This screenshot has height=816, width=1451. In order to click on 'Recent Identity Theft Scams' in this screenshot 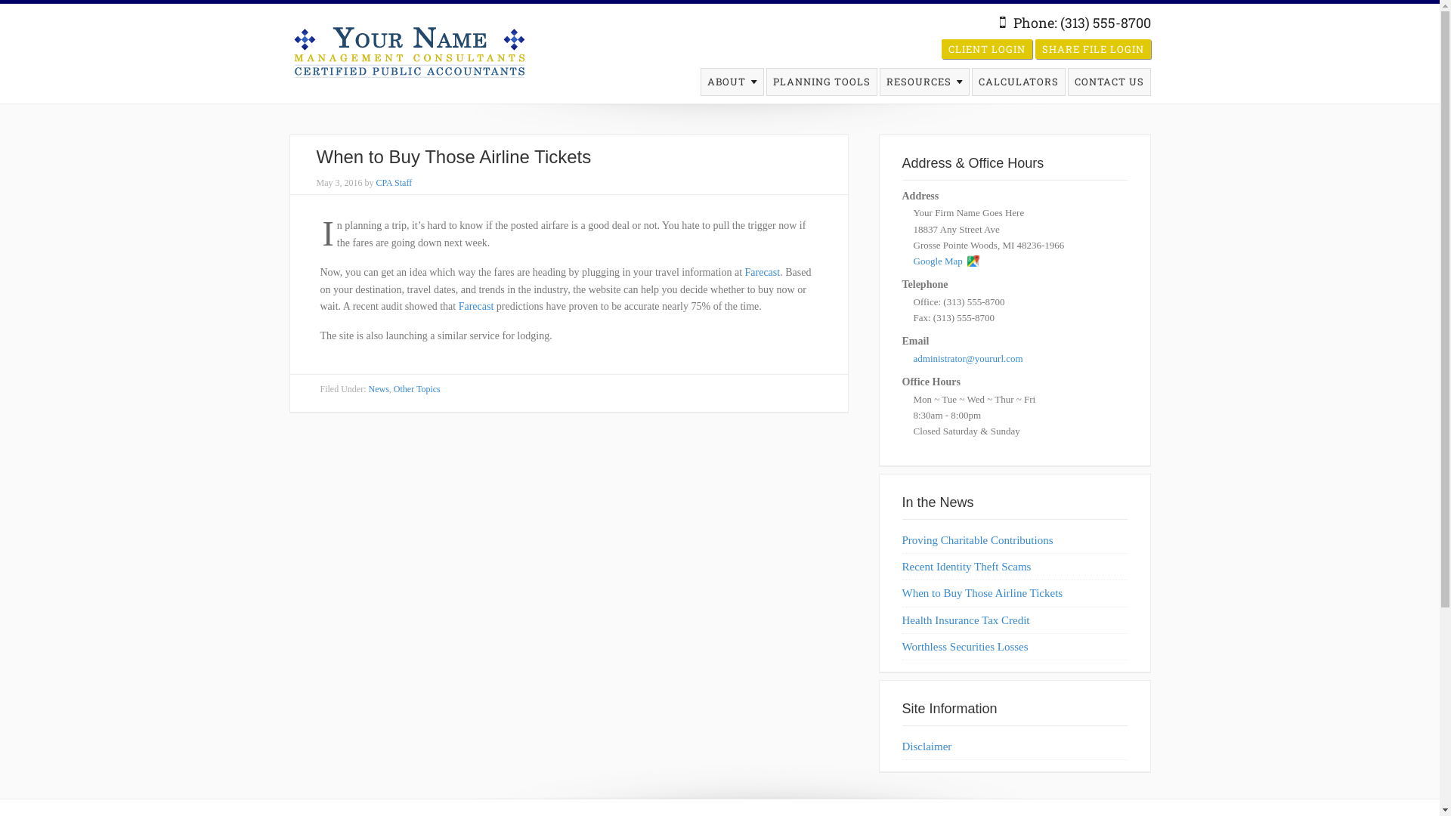, I will do `click(966, 566)`.